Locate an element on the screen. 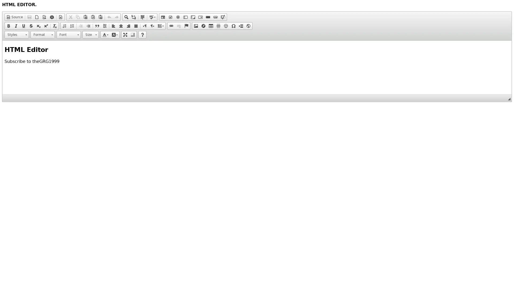  Block Quote is located at coordinates (97, 26).